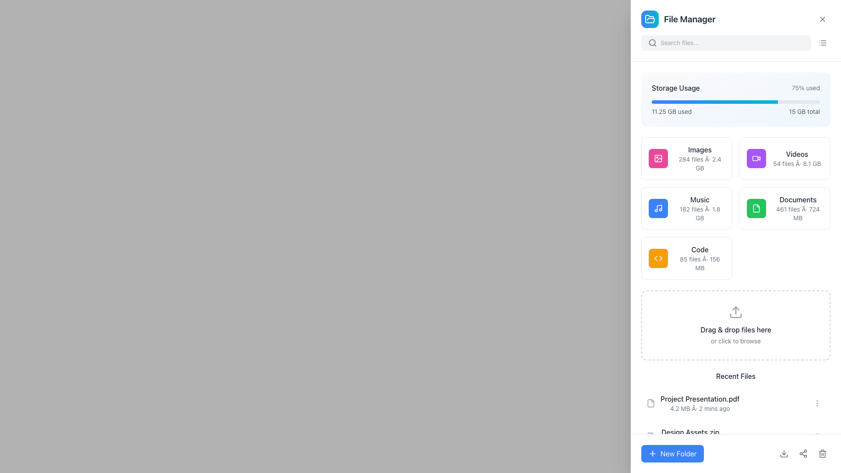 This screenshot has height=473, width=841. What do you see at coordinates (784, 453) in the screenshot?
I see `the 'Download' button located at the bottom-right corner of the interface` at bounding box center [784, 453].